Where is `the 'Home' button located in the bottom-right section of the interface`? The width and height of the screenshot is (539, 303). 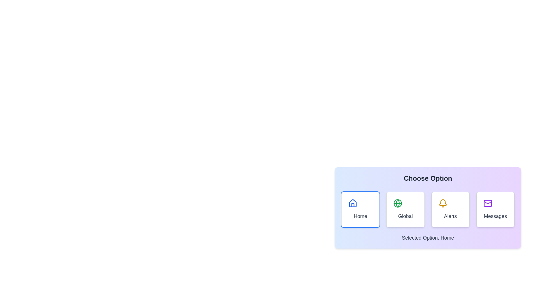
the 'Home' button located in the bottom-right section of the interface is located at coordinates (360, 210).